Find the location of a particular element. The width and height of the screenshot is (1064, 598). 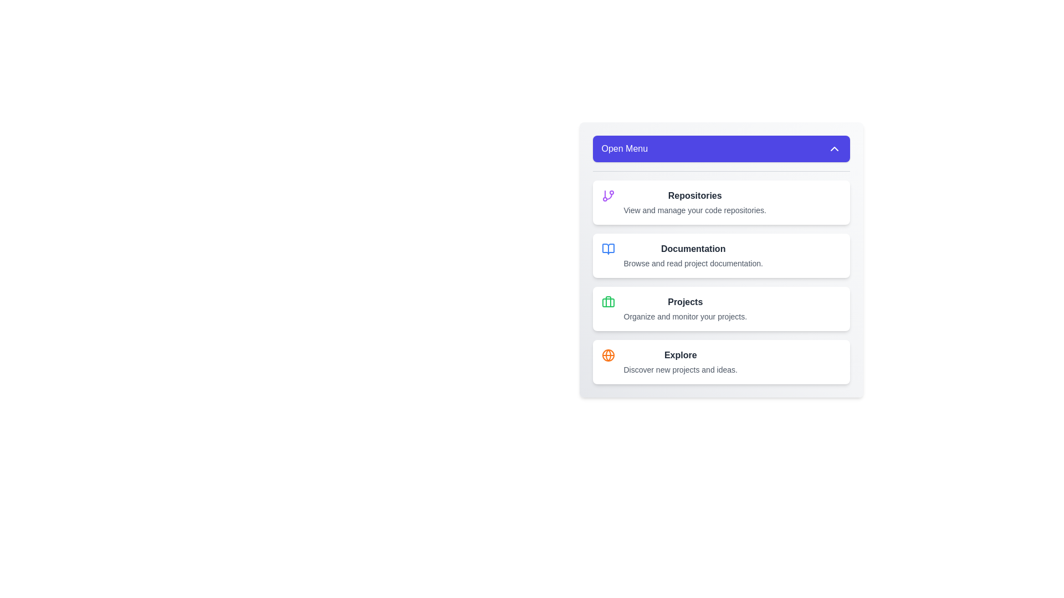

the visual representation of the 'Explore' menu icon located to the left of the 'Explore' text in the fourth row of the menu is located at coordinates (607, 355).